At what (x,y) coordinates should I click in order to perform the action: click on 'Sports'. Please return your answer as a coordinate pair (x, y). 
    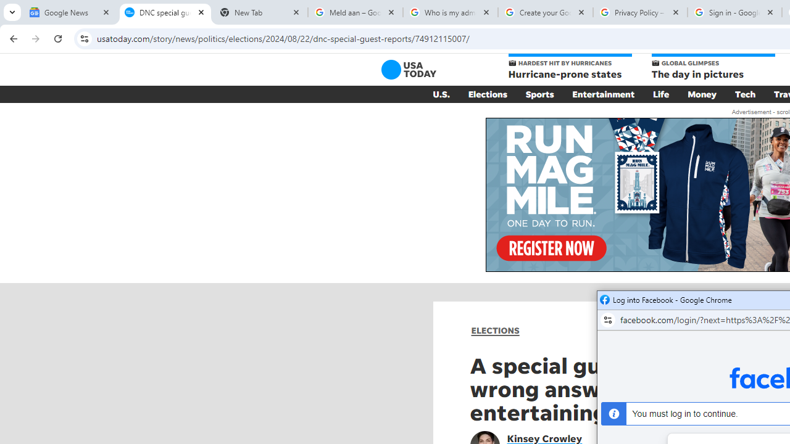
    Looking at the image, I should click on (539, 94).